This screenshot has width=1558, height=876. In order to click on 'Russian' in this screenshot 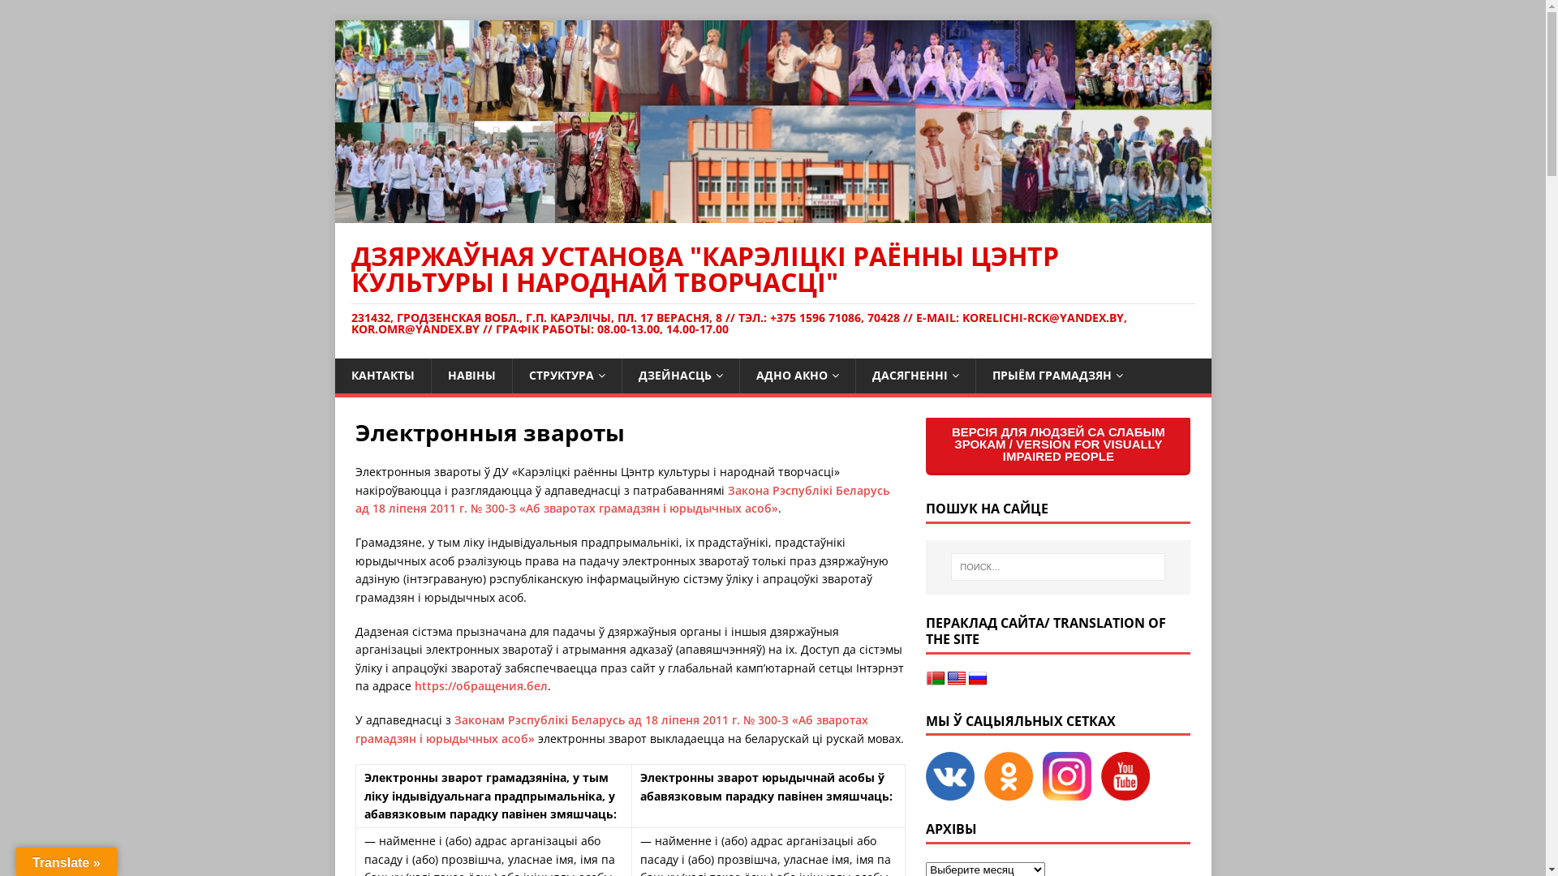, I will do `click(976, 679)`.